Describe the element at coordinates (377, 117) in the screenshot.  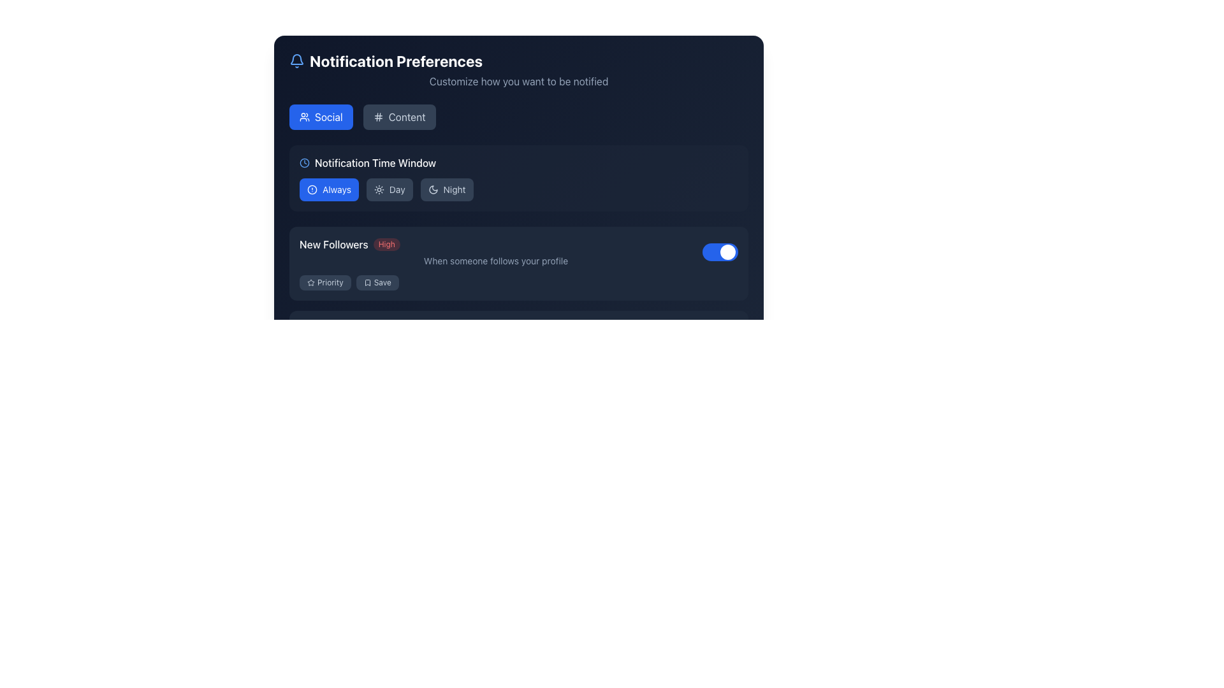
I see `the SVG icon representing the 'Content' category, which is located to the left of the button text within the 'Content' button in the 'Notification Preferences' section` at that location.